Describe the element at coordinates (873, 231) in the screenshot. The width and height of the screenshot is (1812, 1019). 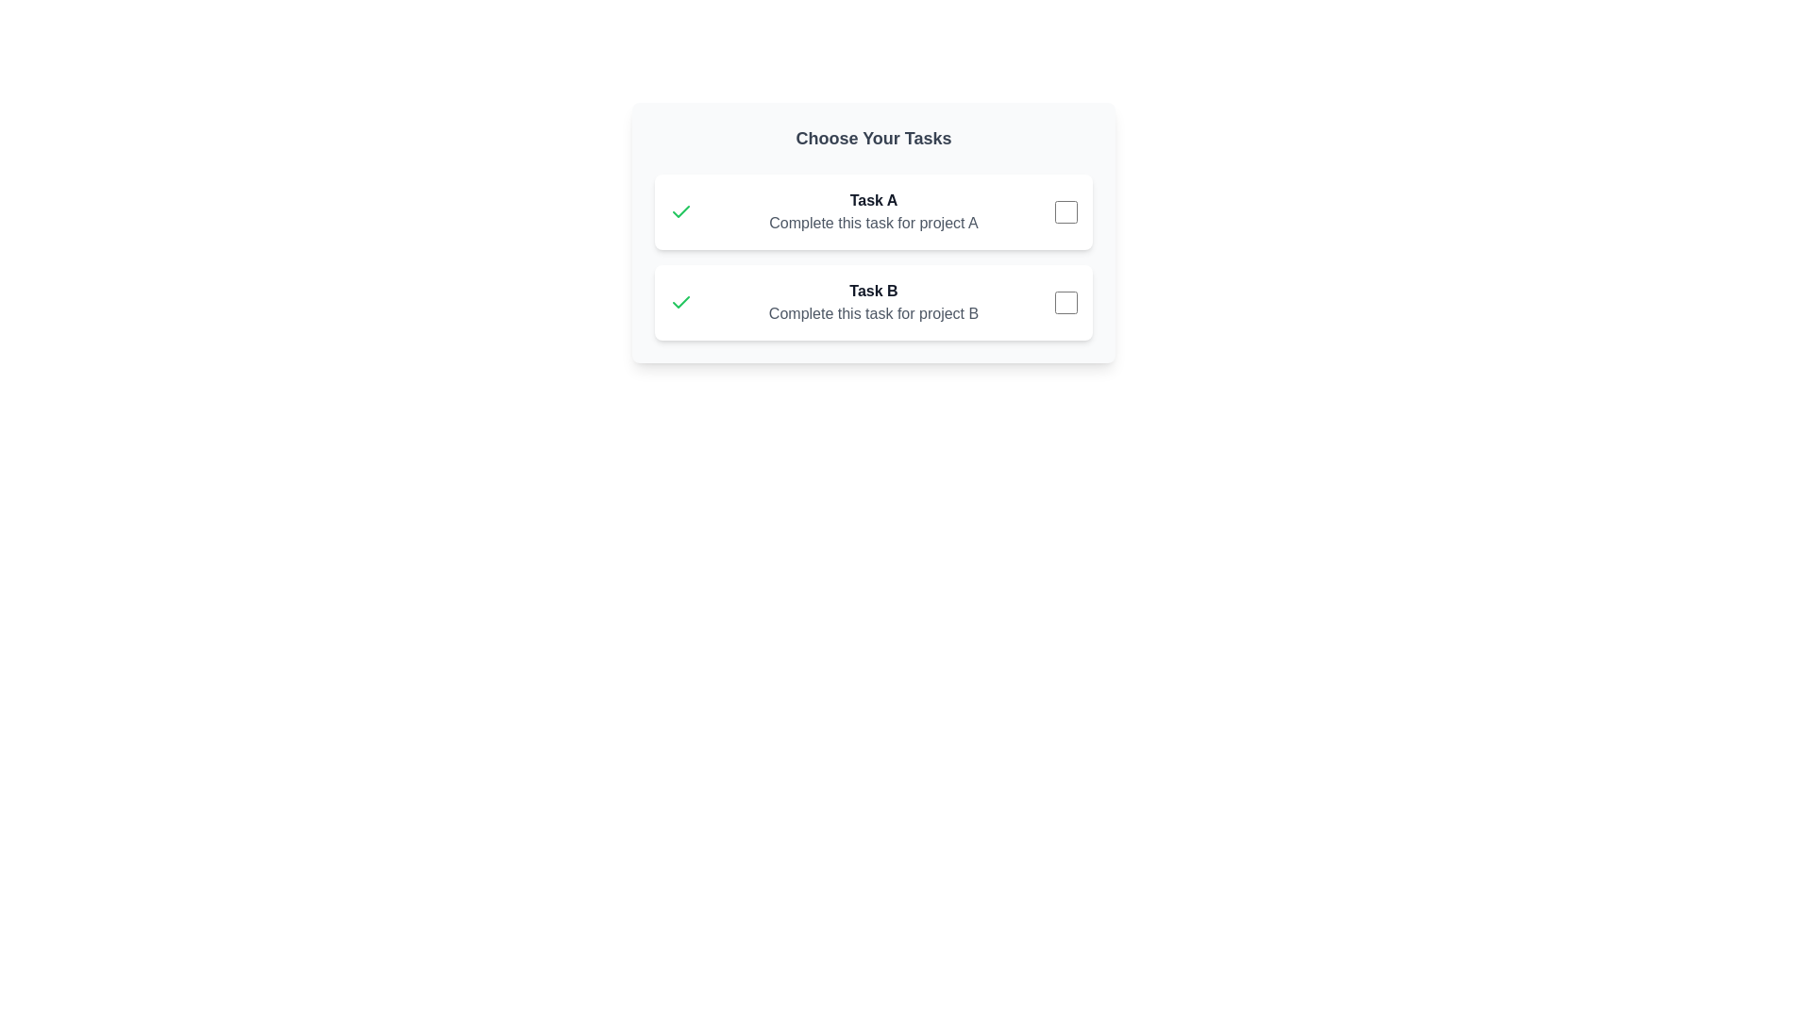
I see `the task title in the vertically arranged card layout` at that location.